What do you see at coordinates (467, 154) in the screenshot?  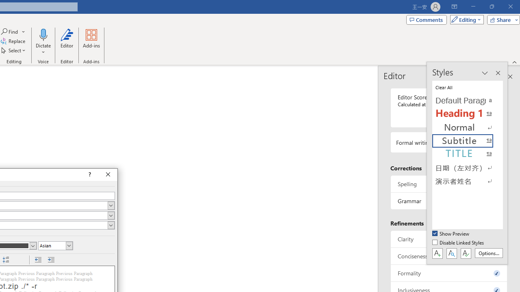 I see `'Title'` at bounding box center [467, 154].